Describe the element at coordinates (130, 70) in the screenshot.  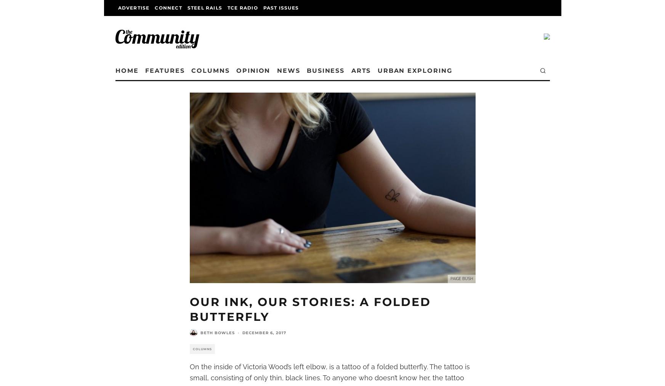
I see `'Home'` at that location.